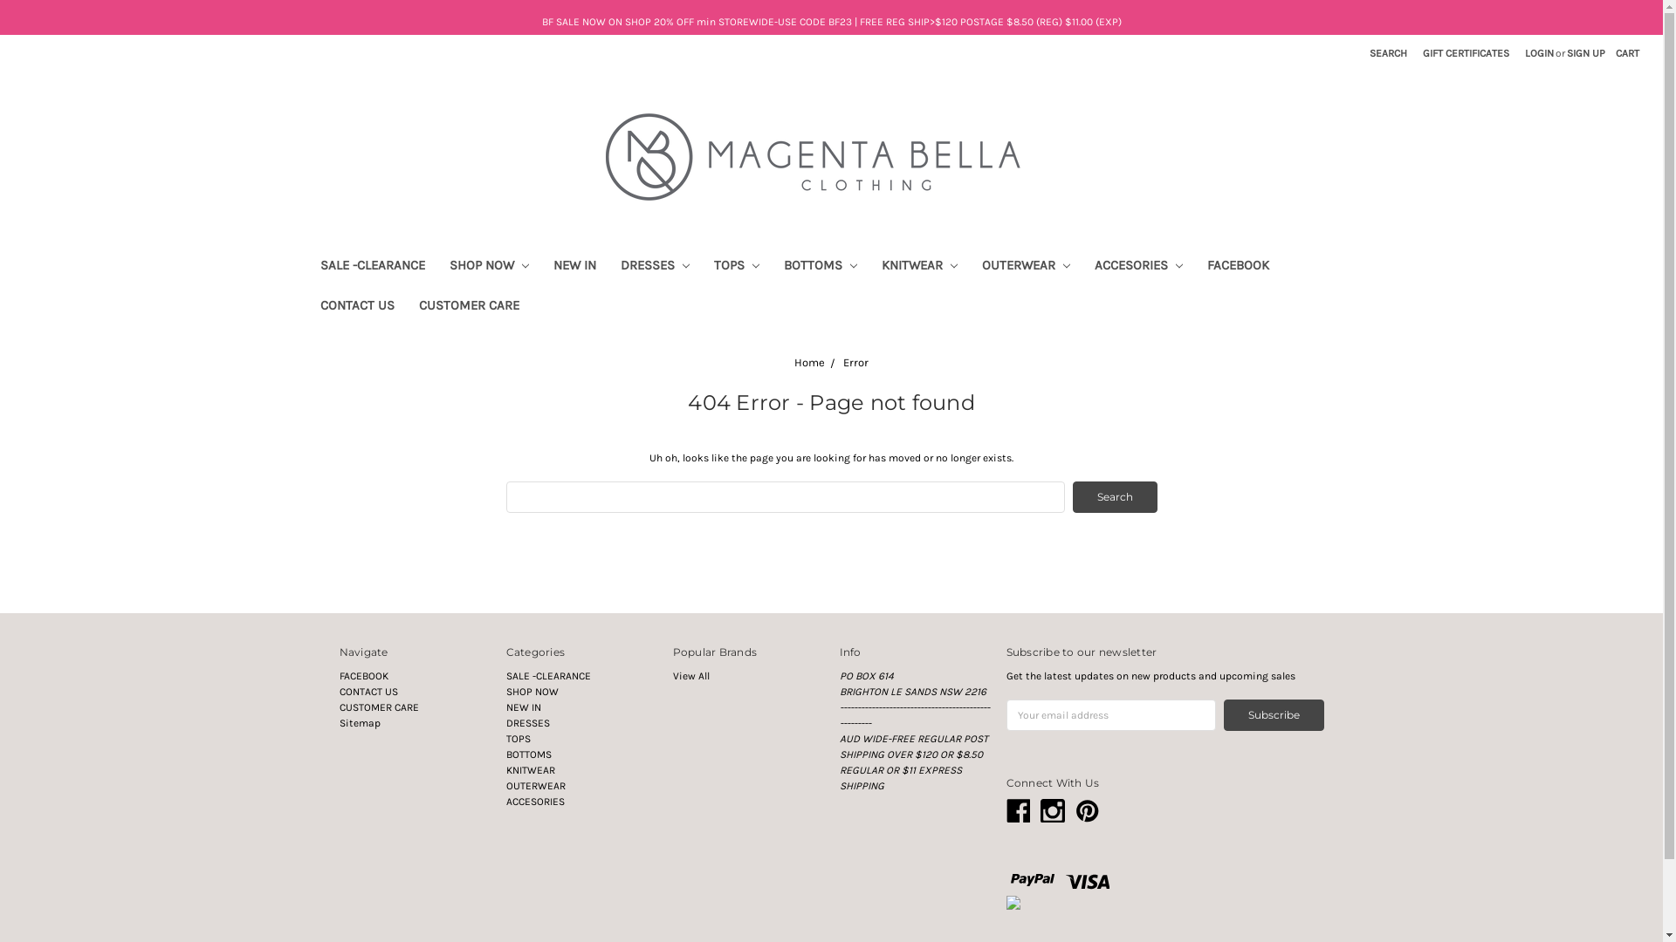  What do you see at coordinates (1274, 715) in the screenshot?
I see `'Subscribe'` at bounding box center [1274, 715].